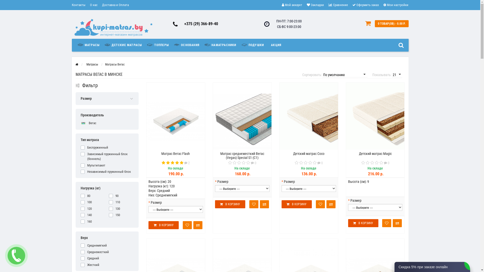 This screenshot has height=272, width=484. I want to click on '140', so click(93, 215).